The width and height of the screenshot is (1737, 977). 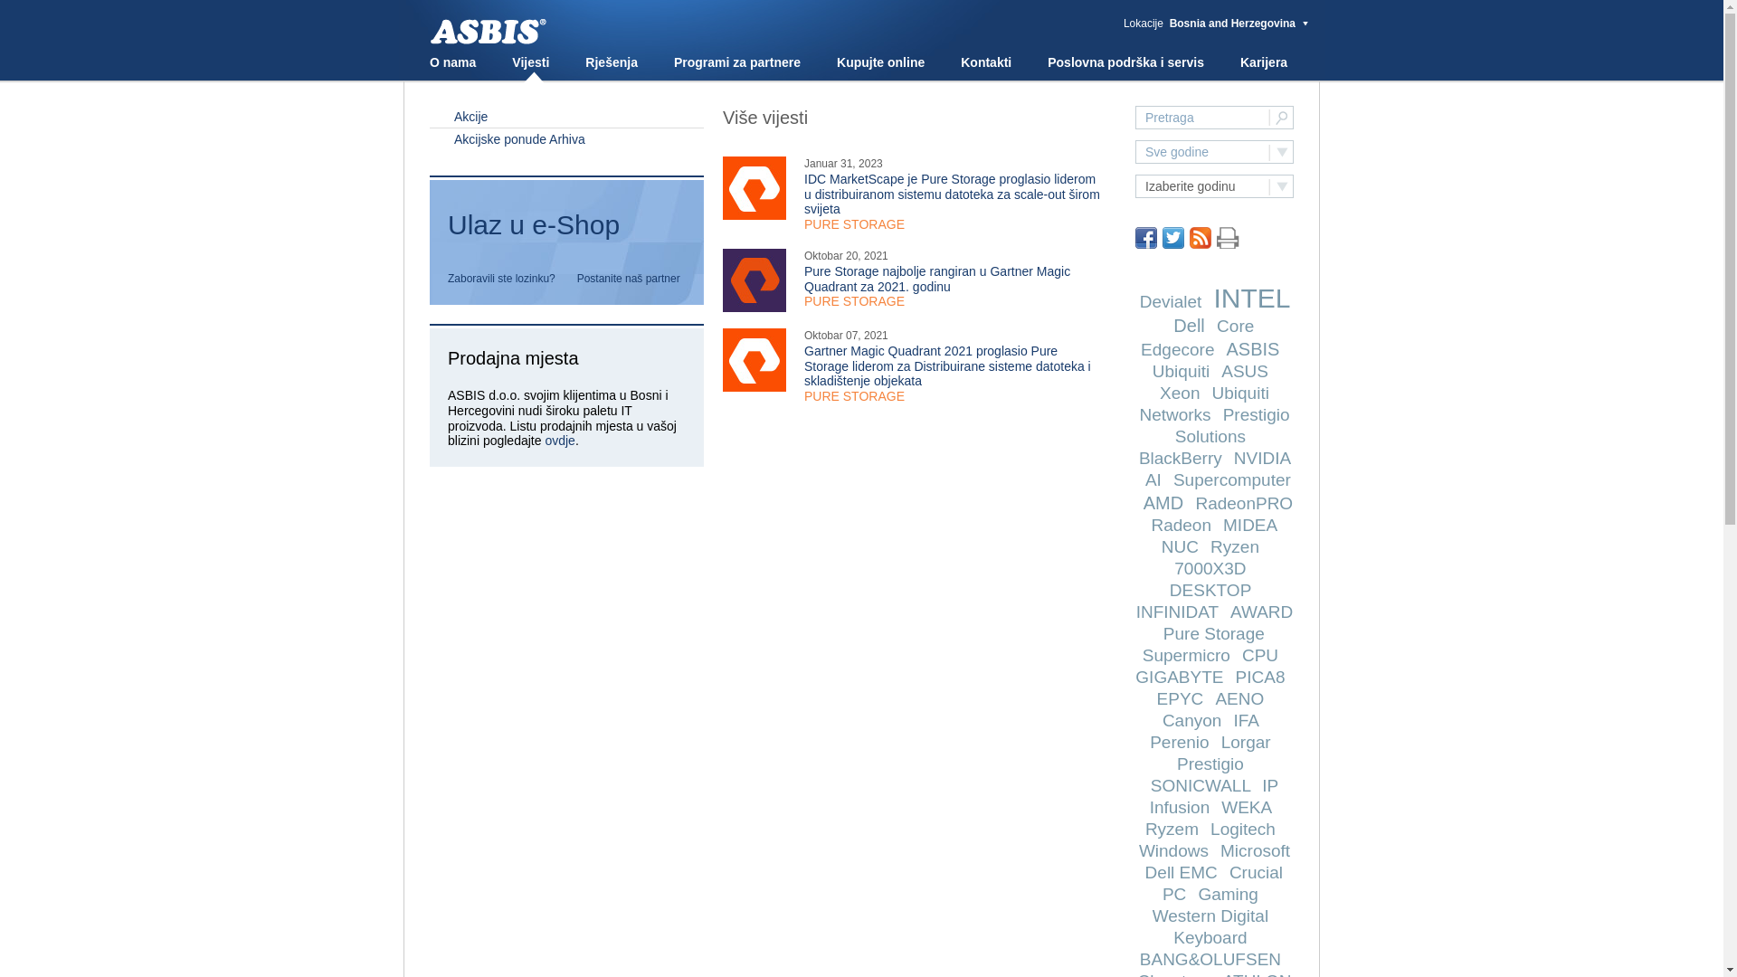 I want to click on 'Kontakti', so click(x=959, y=62).